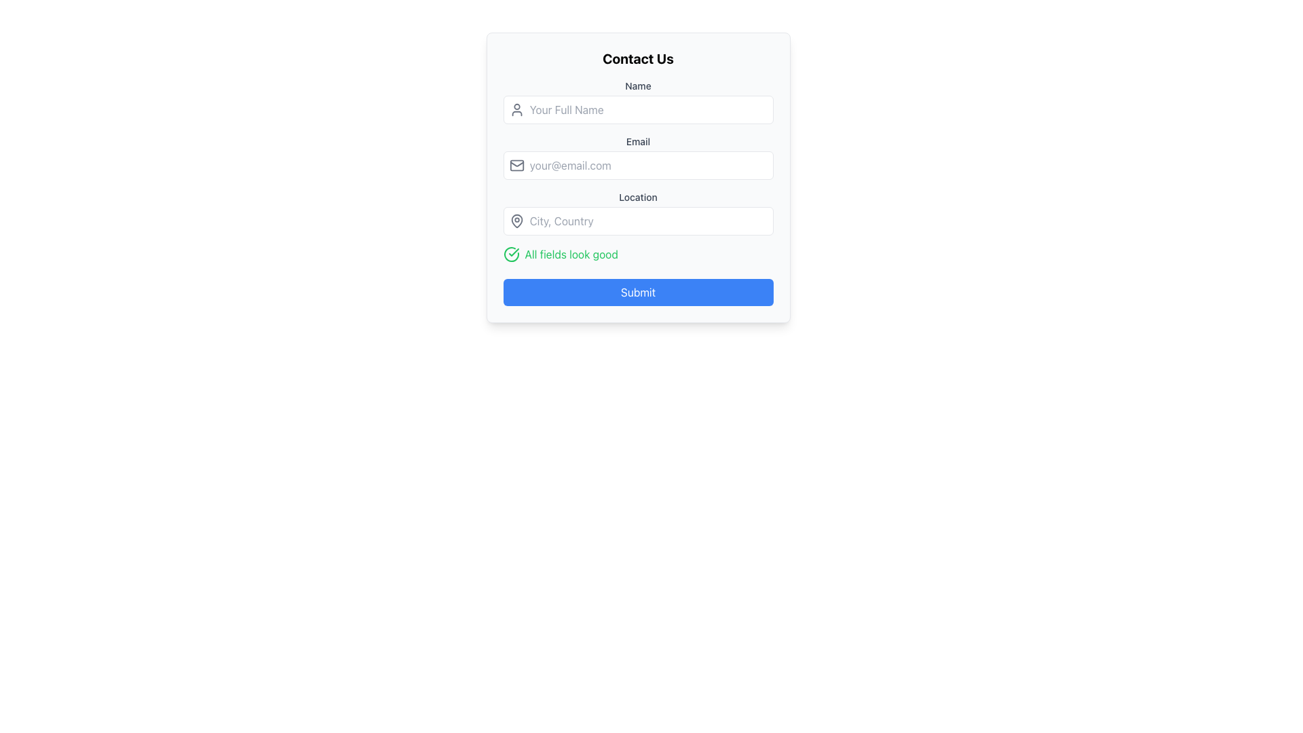 This screenshot has width=1303, height=733. What do you see at coordinates (637, 292) in the screenshot?
I see `the 'Submit' button with a blue background and white text at the bottom of the form interface` at bounding box center [637, 292].